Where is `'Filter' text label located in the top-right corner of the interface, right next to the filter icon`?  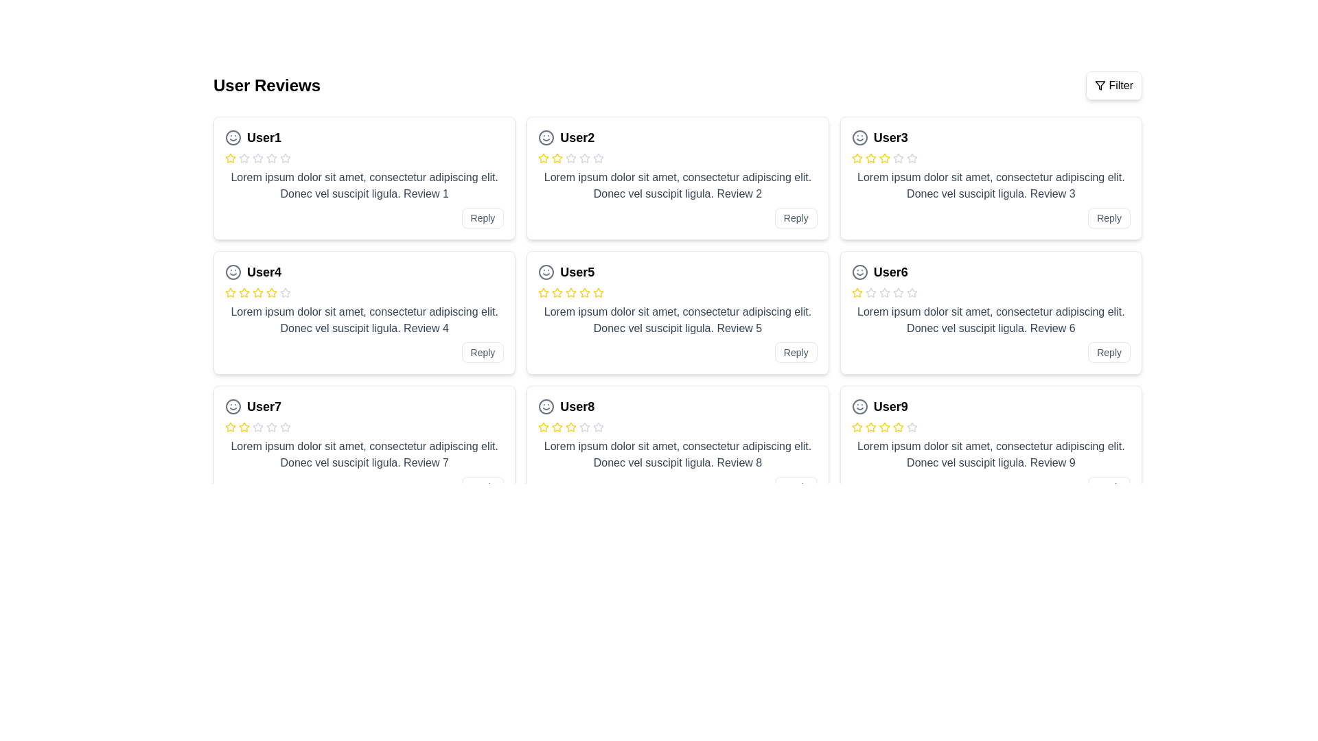 'Filter' text label located in the top-right corner of the interface, right next to the filter icon is located at coordinates (1121, 85).